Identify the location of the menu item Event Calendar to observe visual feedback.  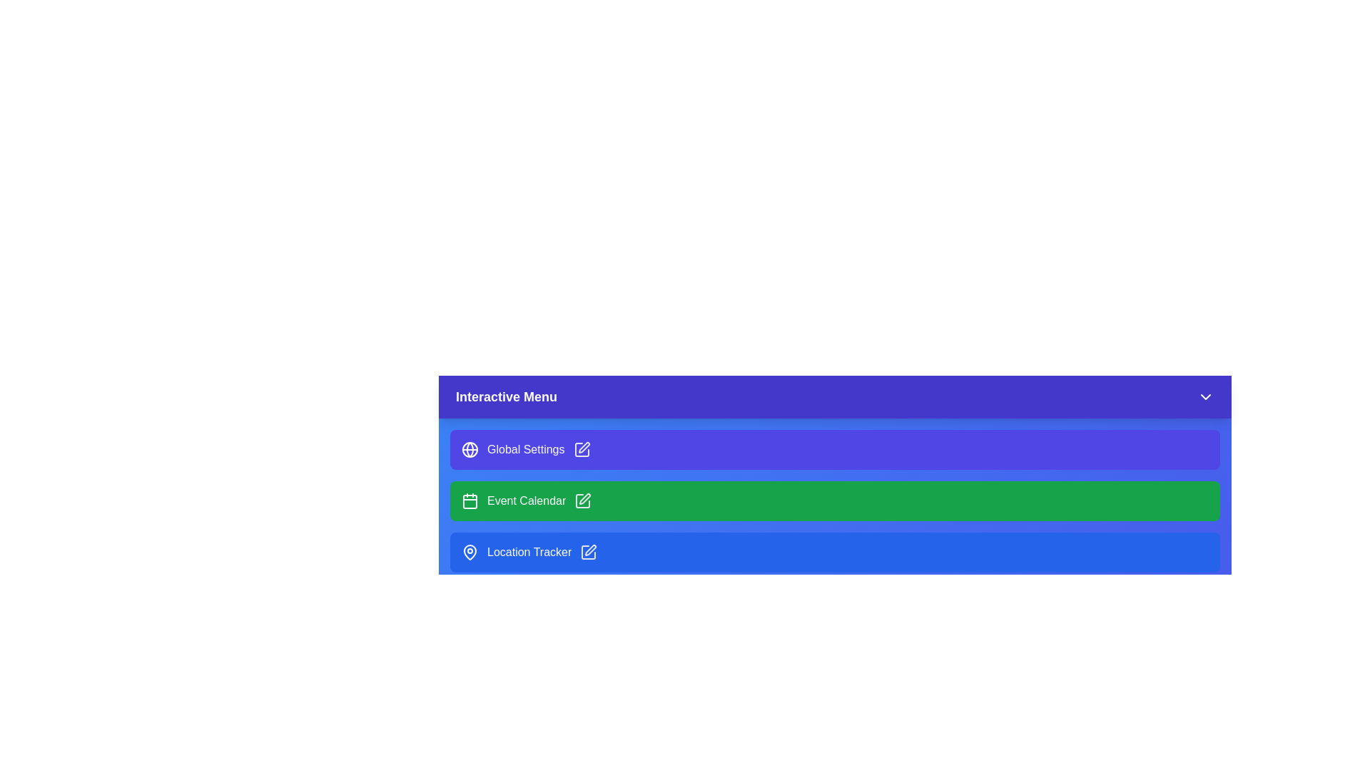
(835, 500).